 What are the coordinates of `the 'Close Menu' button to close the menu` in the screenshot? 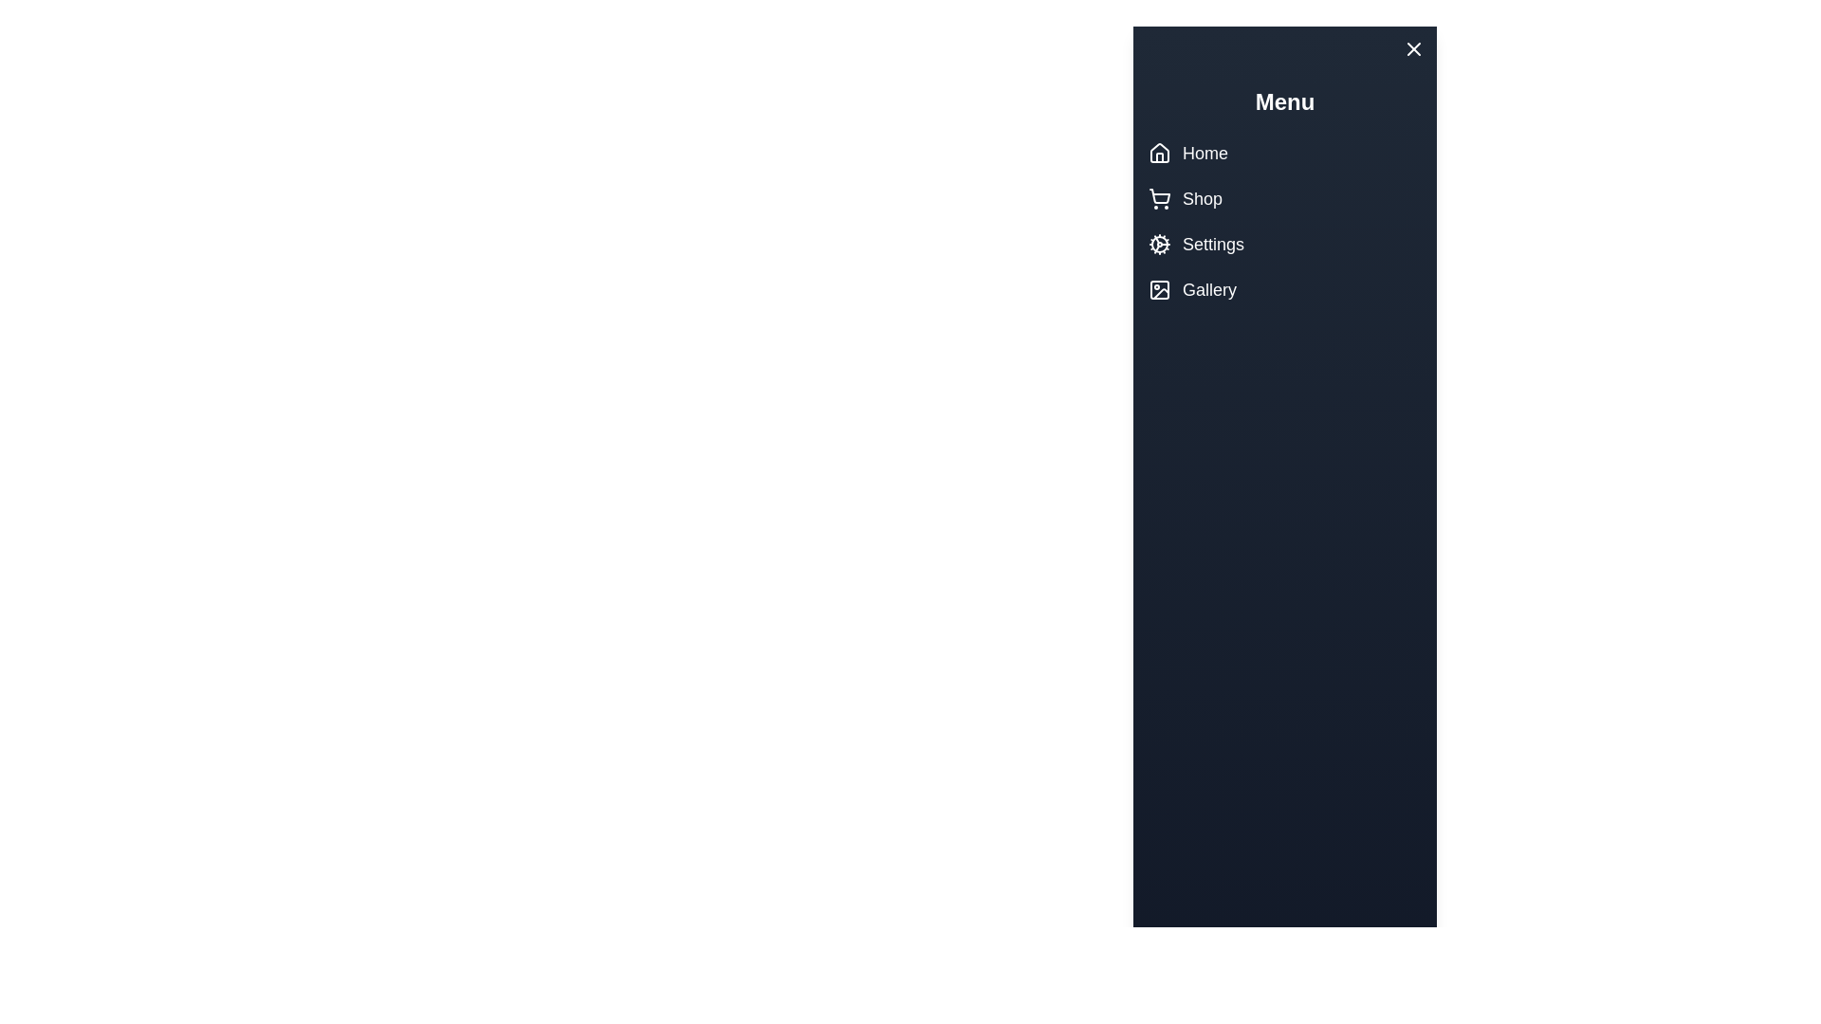 It's located at (1373, 52).